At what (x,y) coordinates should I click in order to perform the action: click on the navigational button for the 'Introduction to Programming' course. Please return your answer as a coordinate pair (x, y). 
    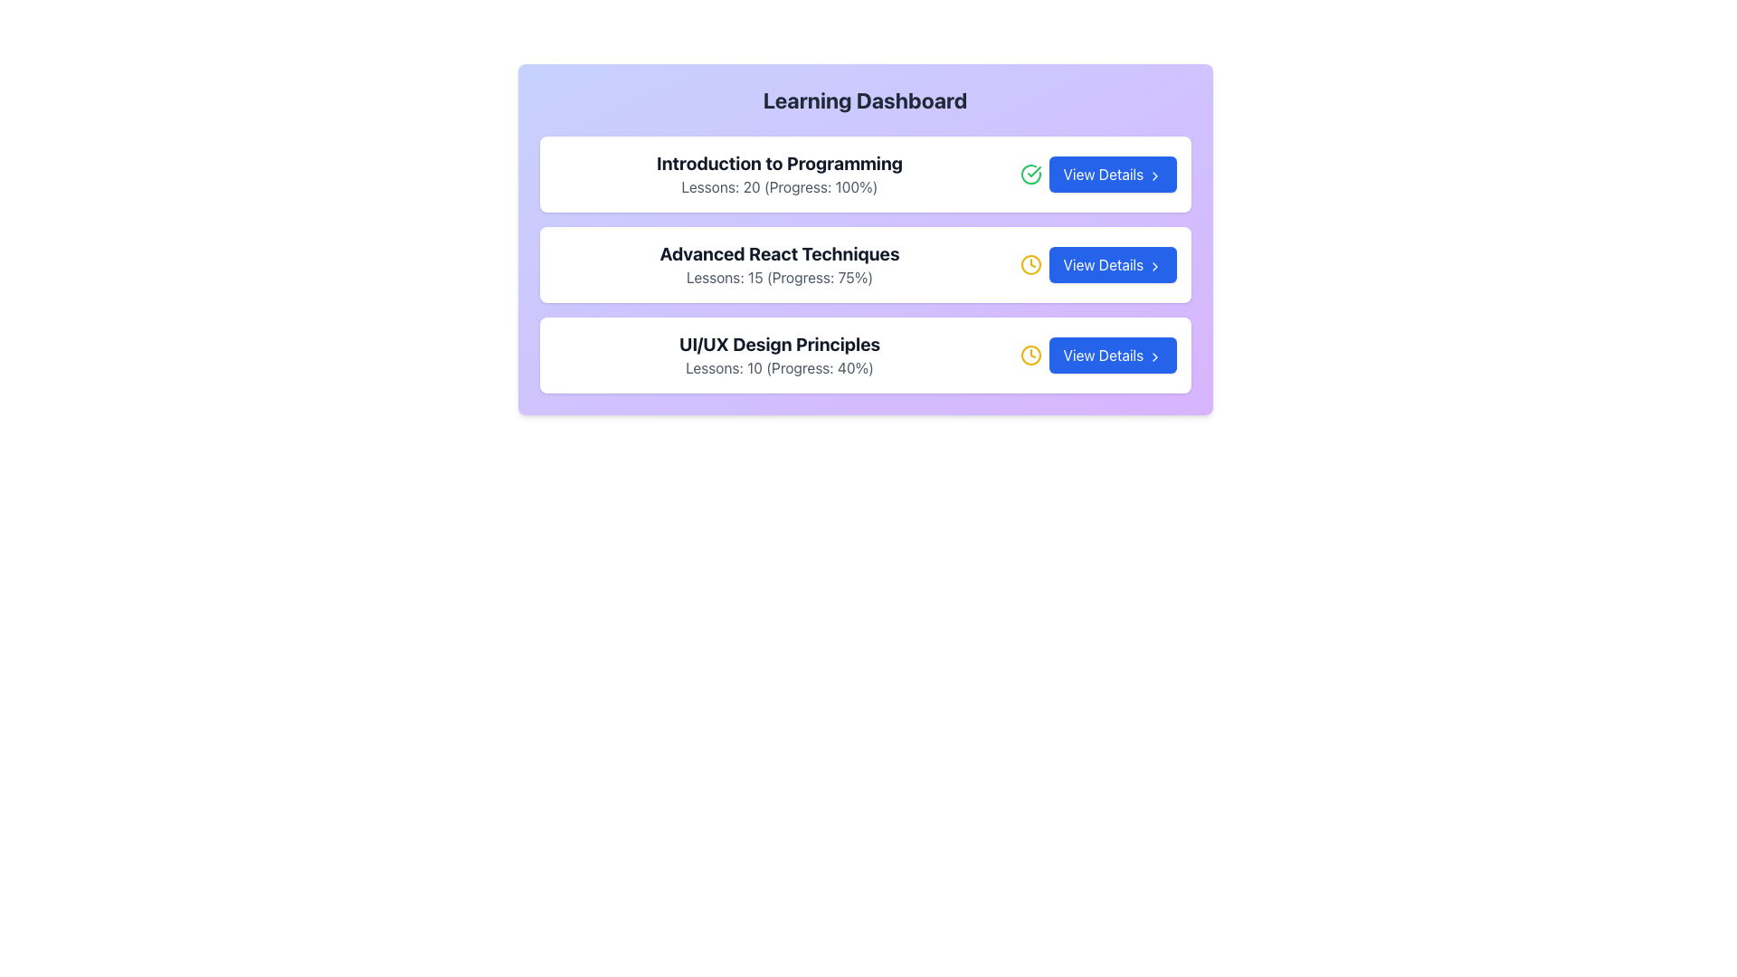
    Looking at the image, I should click on (1097, 174).